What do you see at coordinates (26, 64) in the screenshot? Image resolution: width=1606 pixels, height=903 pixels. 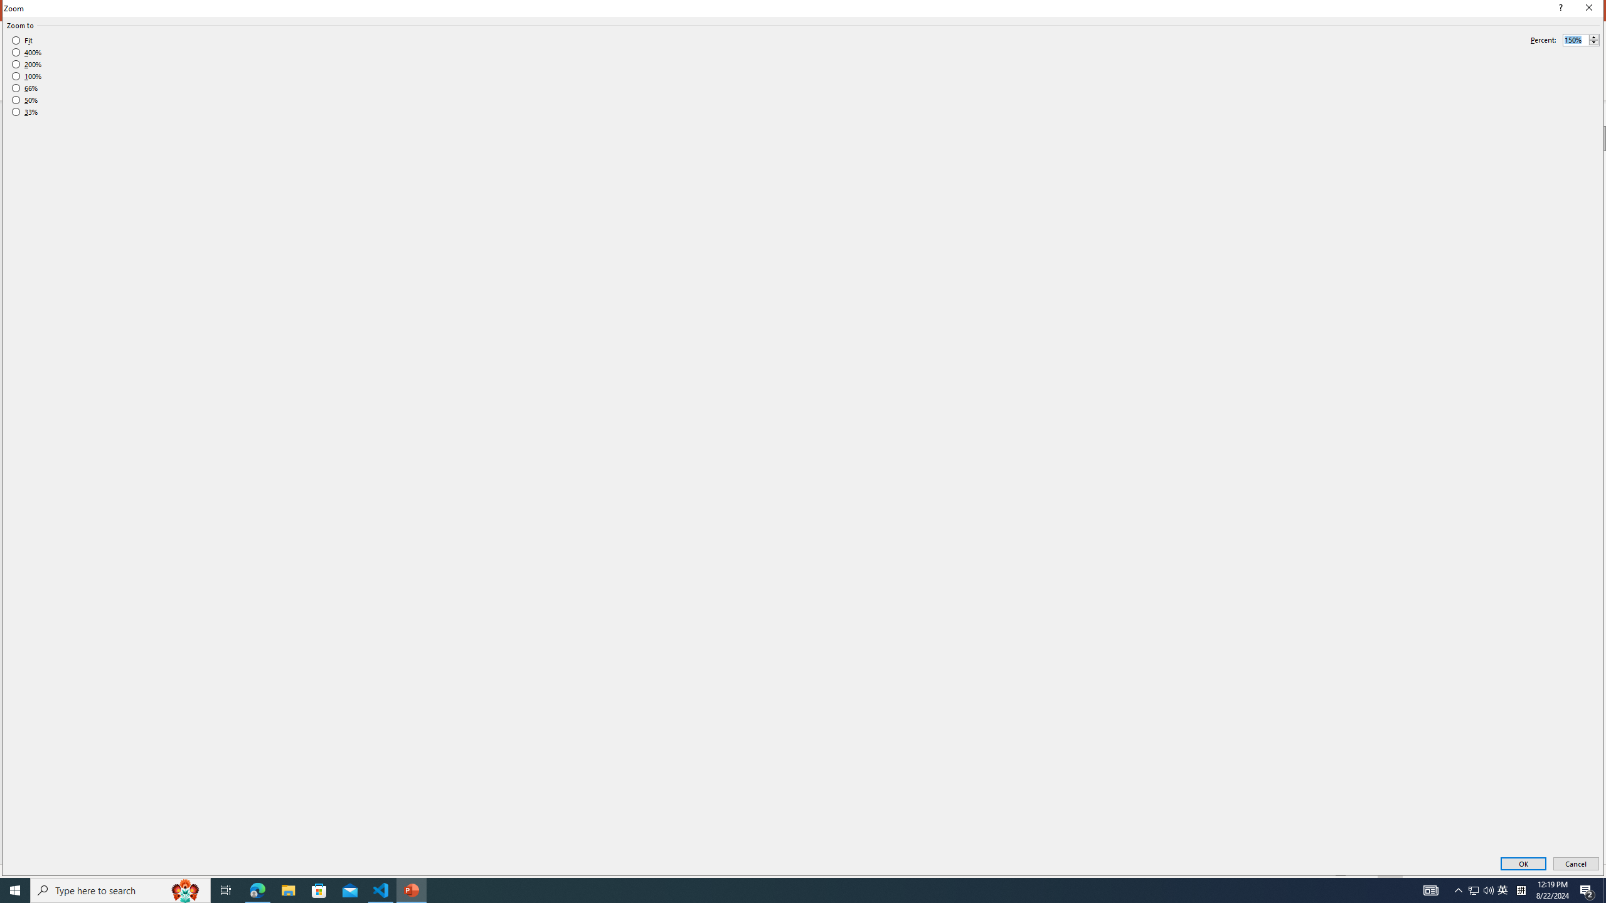 I see `'200%'` at bounding box center [26, 64].